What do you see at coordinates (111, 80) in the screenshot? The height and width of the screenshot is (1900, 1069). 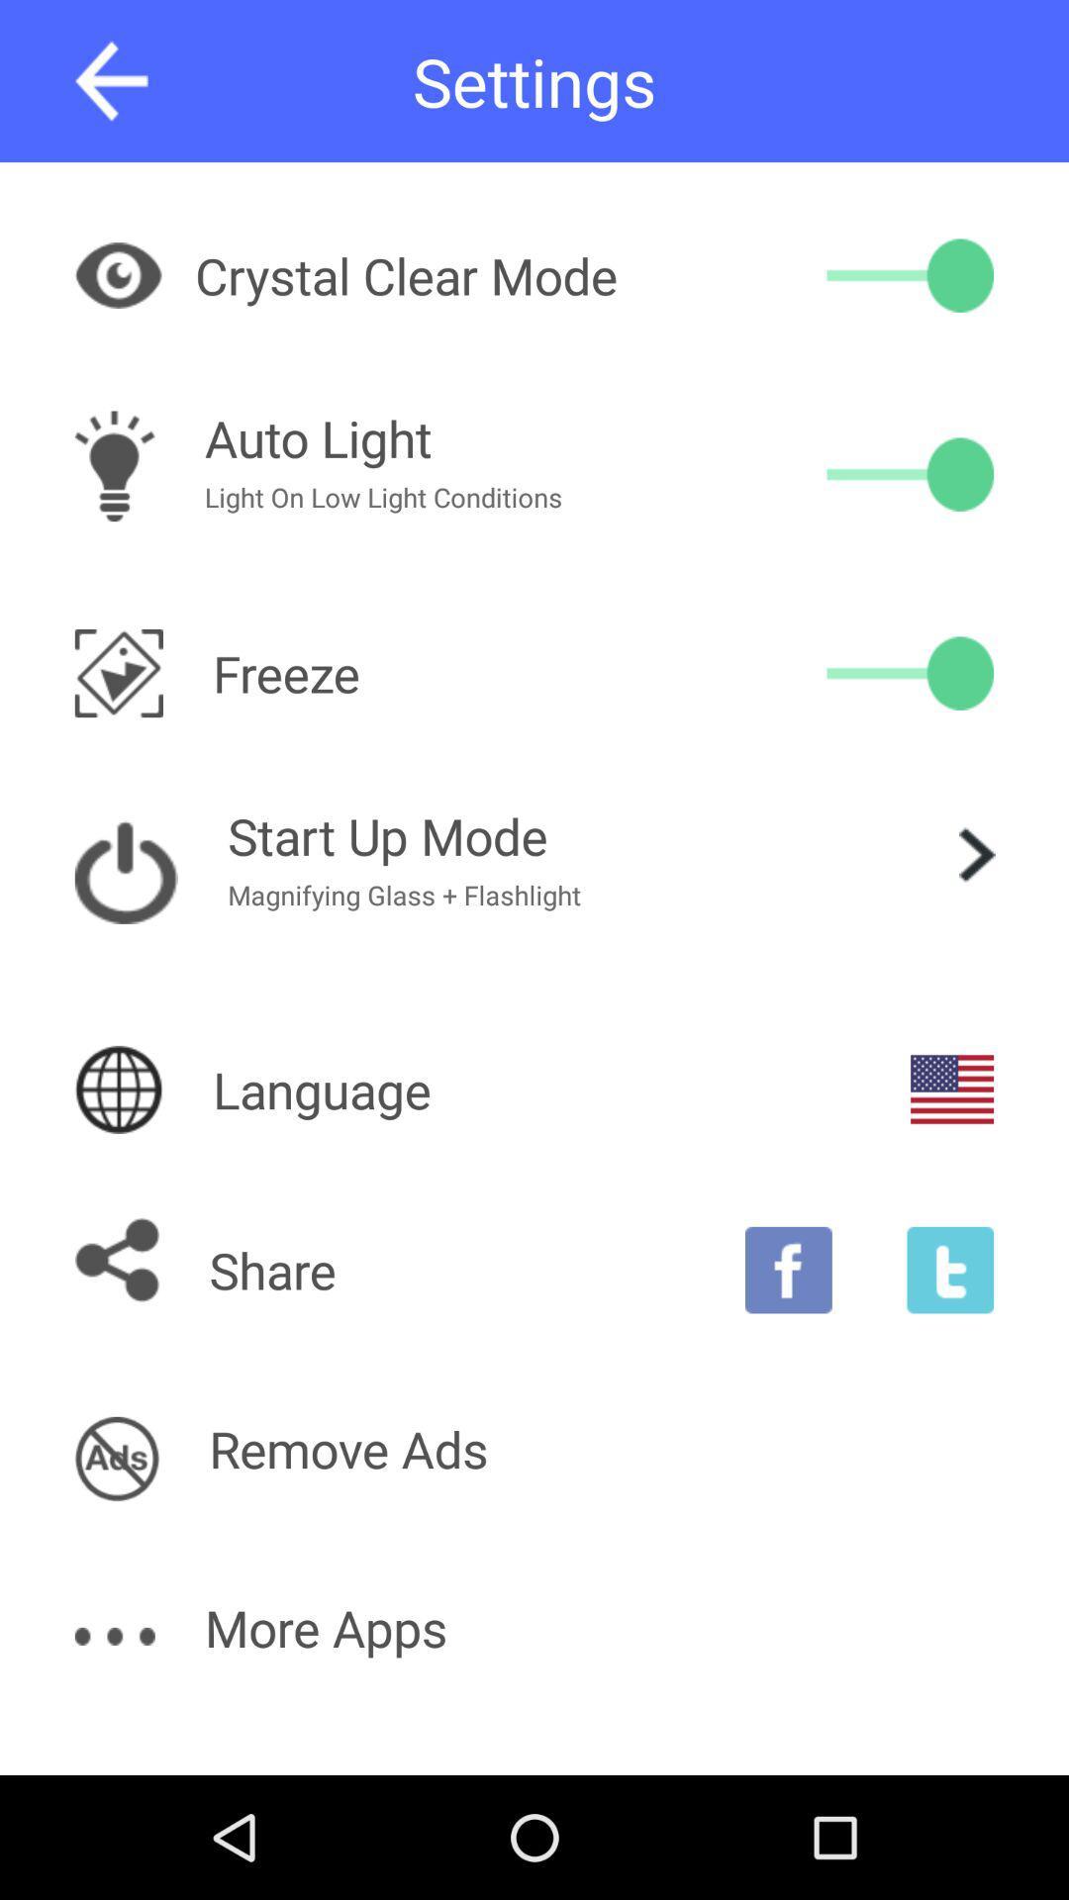 I see `item to the left of settings item` at bounding box center [111, 80].